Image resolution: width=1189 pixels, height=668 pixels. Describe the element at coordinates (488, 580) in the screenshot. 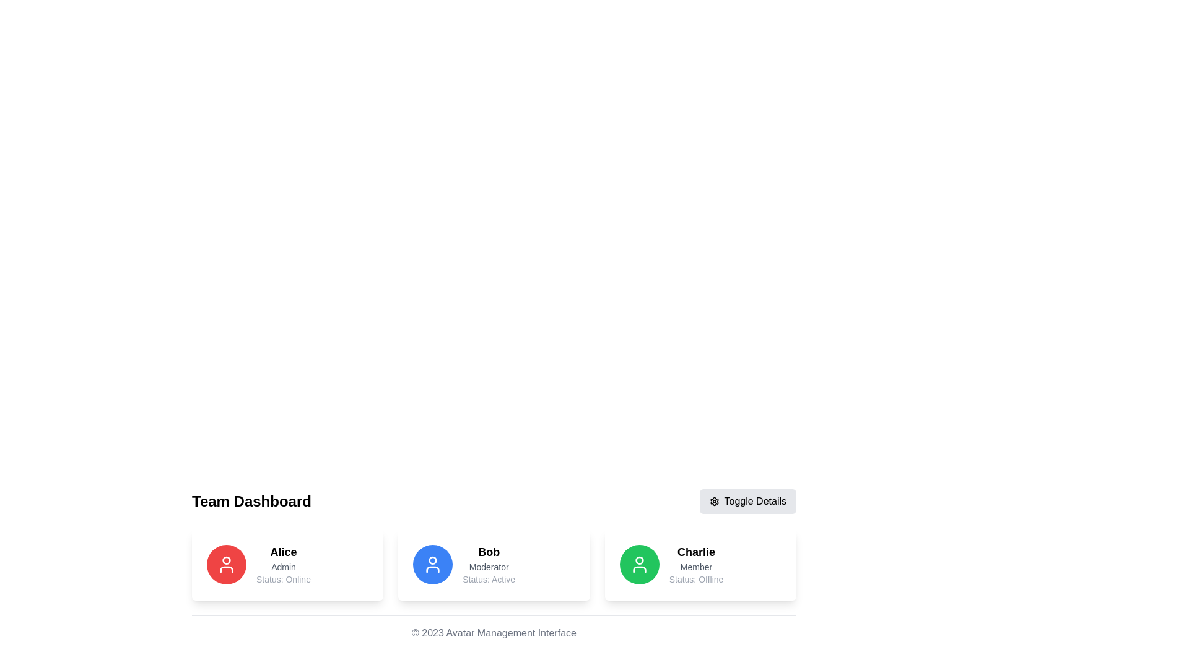

I see `the text label displaying 'Status: Active' that is located below 'Moderator' in the card under the header 'Bob'` at that location.